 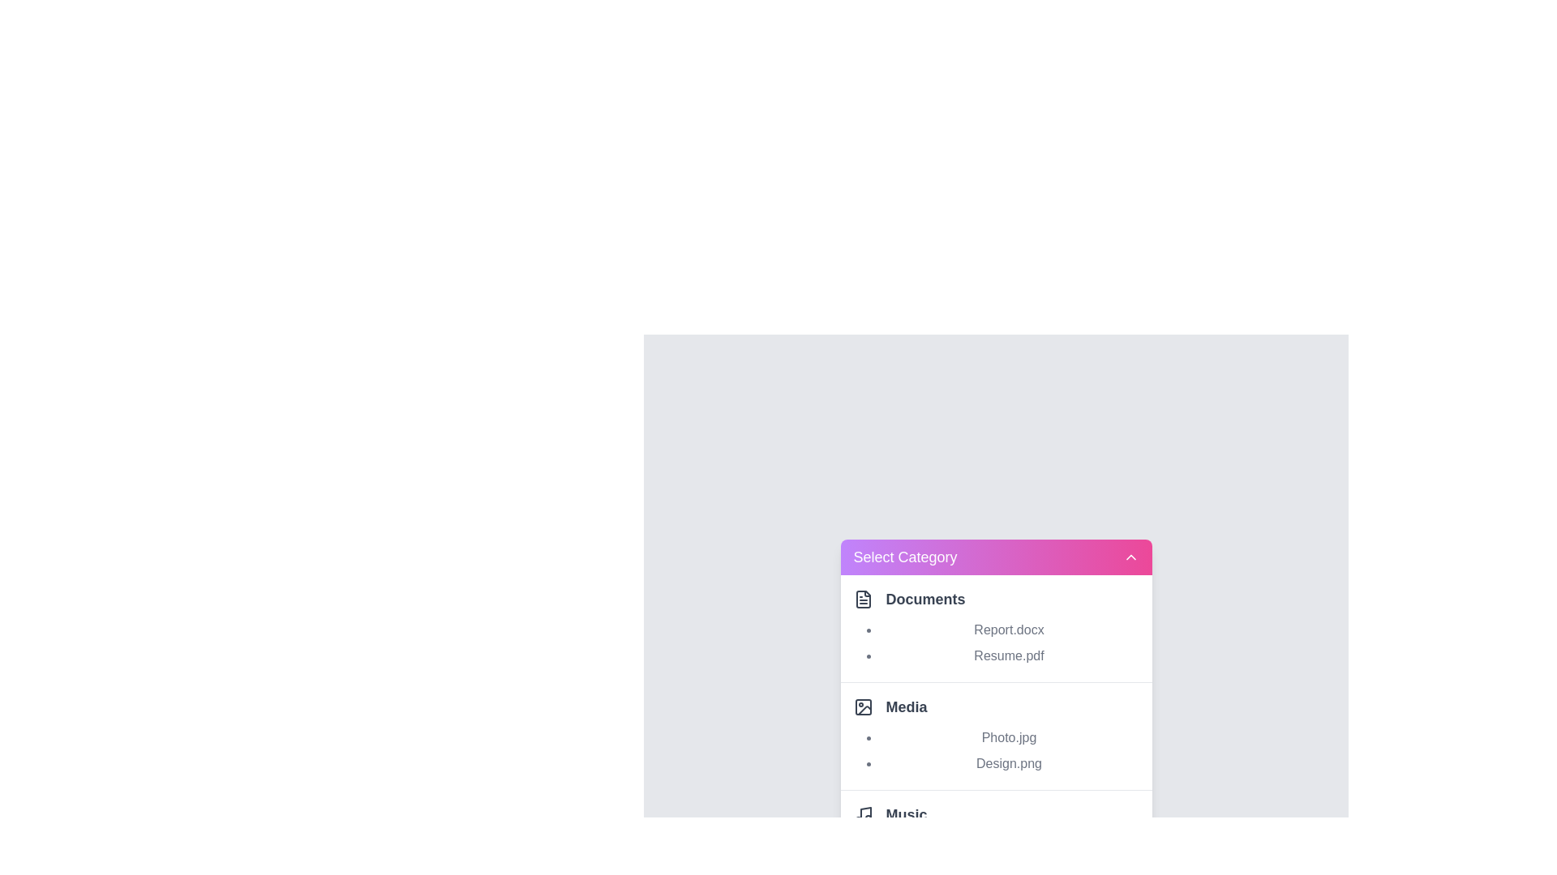 What do you see at coordinates (862, 706) in the screenshot?
I see `the icon representing an image located to the left of the text 'Media', which is styled with a simple outline and appears in grayscale` at bounding box center [862, 706].